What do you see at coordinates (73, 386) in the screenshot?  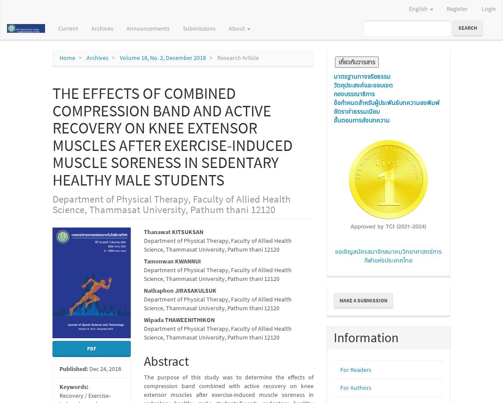 I see `'Keywords:'` at bounding box center [73, 386].